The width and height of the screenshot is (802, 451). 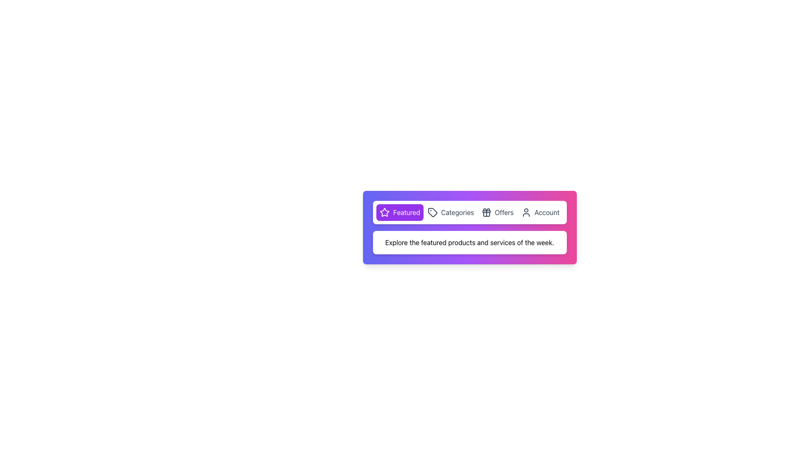 I want to click on the 'Offers' button with a gift box icon located in the horizontal navigation bar, so click(x=497, y=212).